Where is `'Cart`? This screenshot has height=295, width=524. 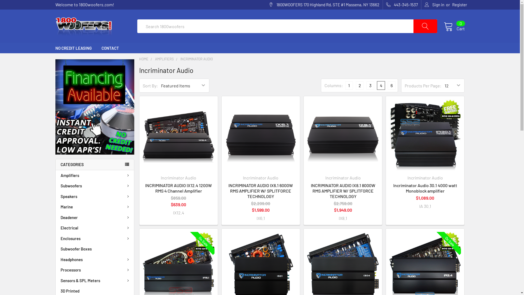
'Cart is located at coordinates (454, 26).